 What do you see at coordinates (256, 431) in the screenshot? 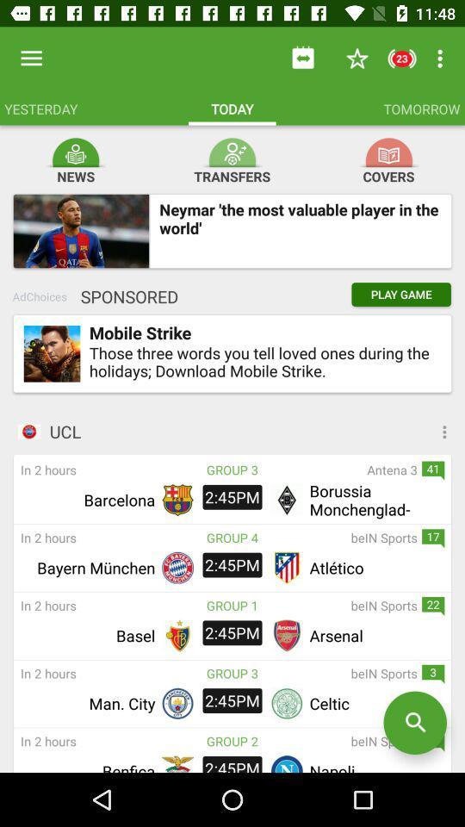
I see `the ucl` at bounding box center [256, 431].